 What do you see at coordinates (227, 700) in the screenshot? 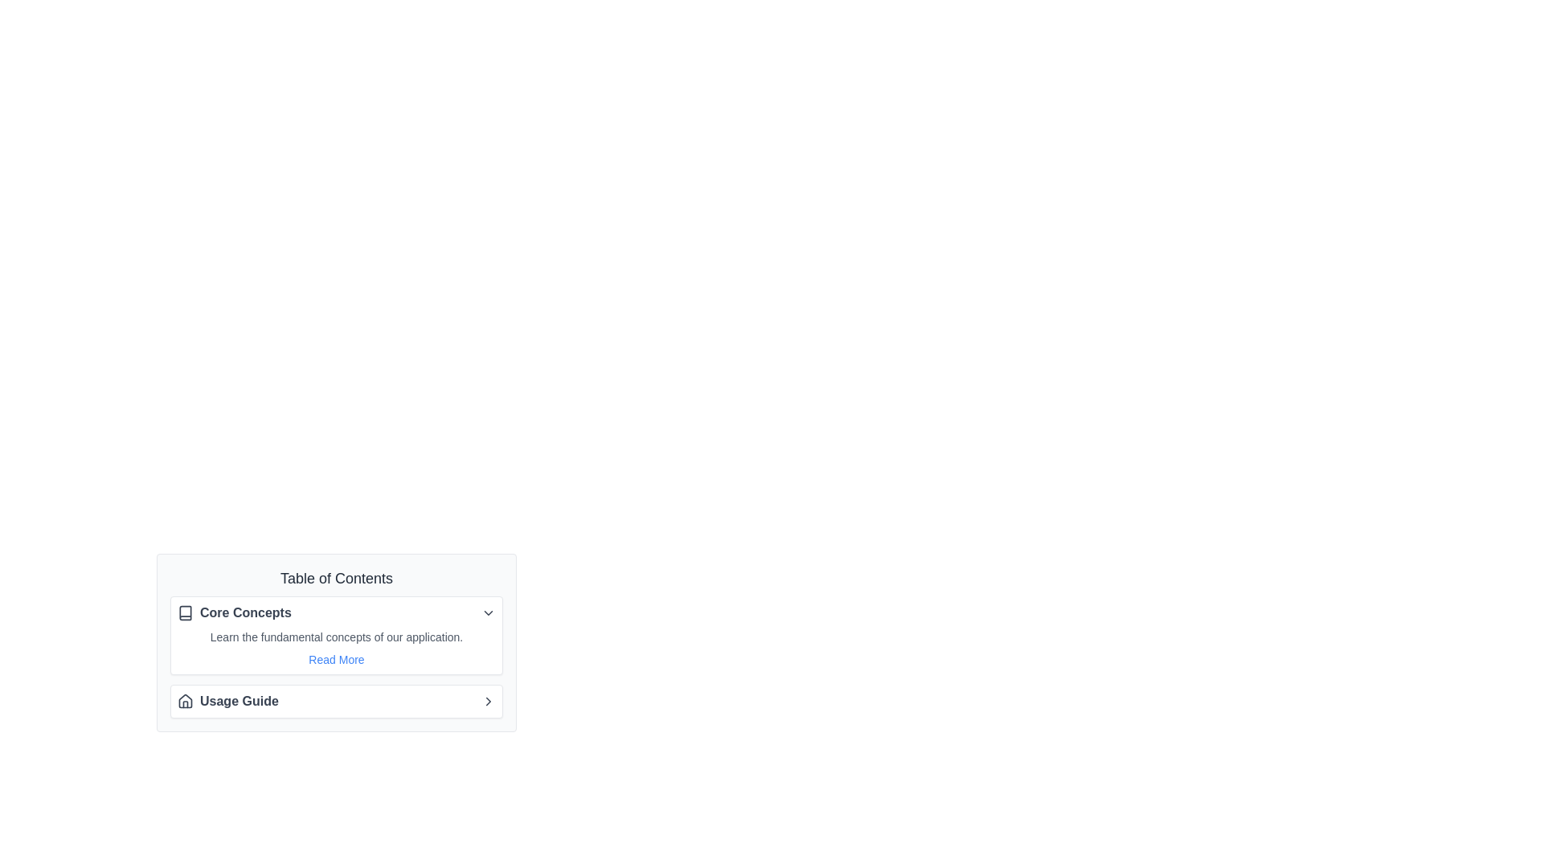
I see `the 'Usage Guide' text element that features a house icon, which is the first item in the 'Core Concepts' section and is centrally positioned at the bottom of the displayed panel` at bounding box center [227, 700].